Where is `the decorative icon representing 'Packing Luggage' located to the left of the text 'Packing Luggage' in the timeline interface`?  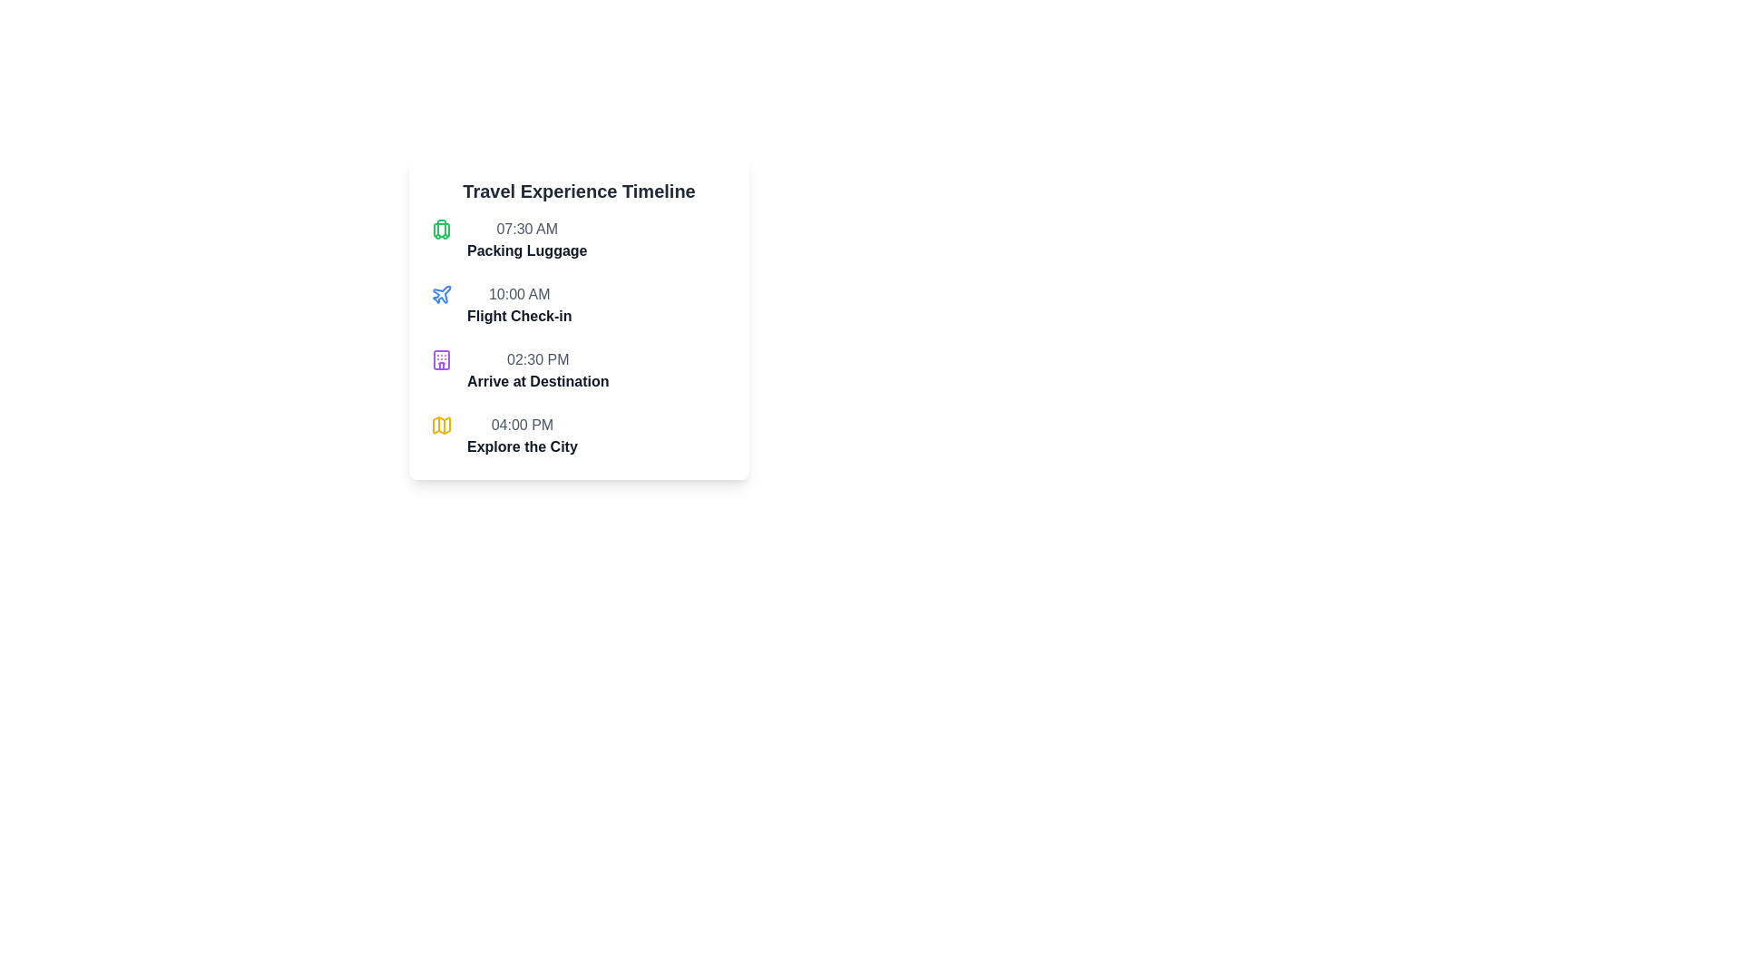 the decorative icon representing 'Packing Luggage' located to the left of the text 'Packing Luggage' in the timeline interface is located at coordinates (441, 229).